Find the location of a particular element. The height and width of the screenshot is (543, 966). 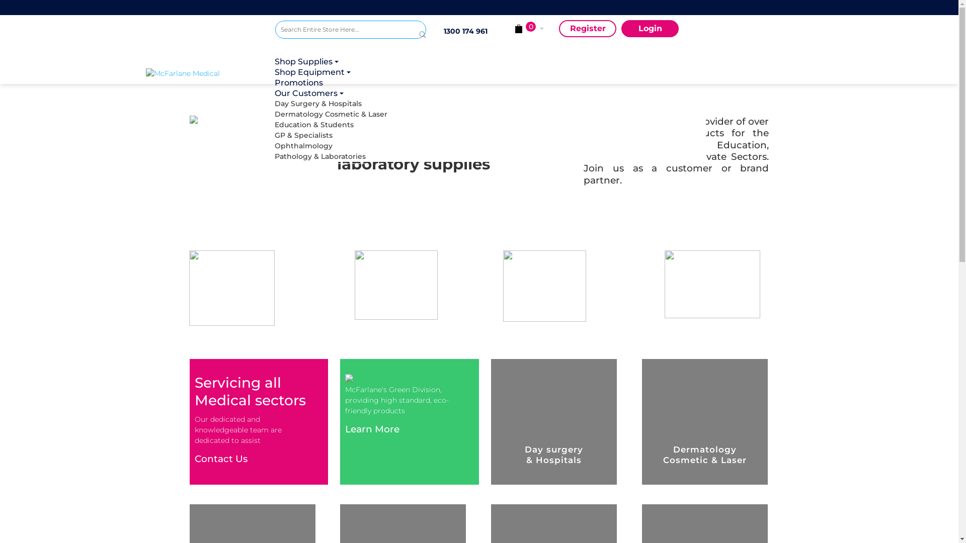

'Day Surgery & Hospitals' is located at coordinates (275, 104).